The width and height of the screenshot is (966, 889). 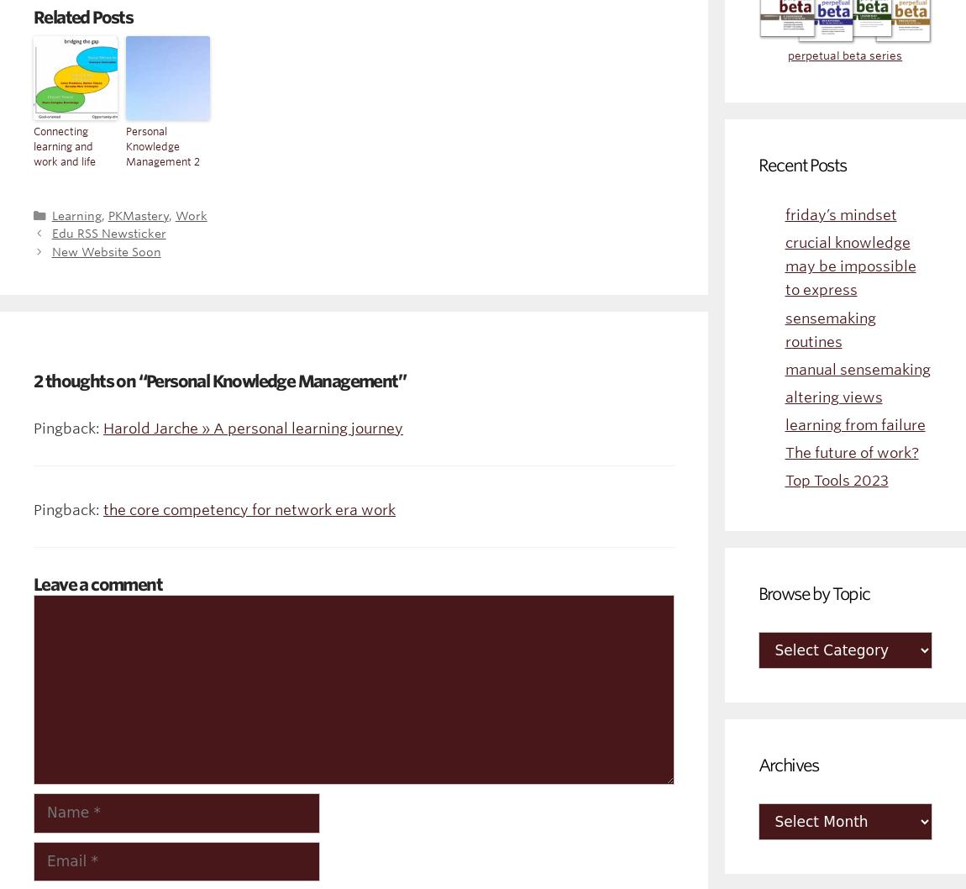 I want to click on 'manual sensemaking', so click(x=857, y=368).